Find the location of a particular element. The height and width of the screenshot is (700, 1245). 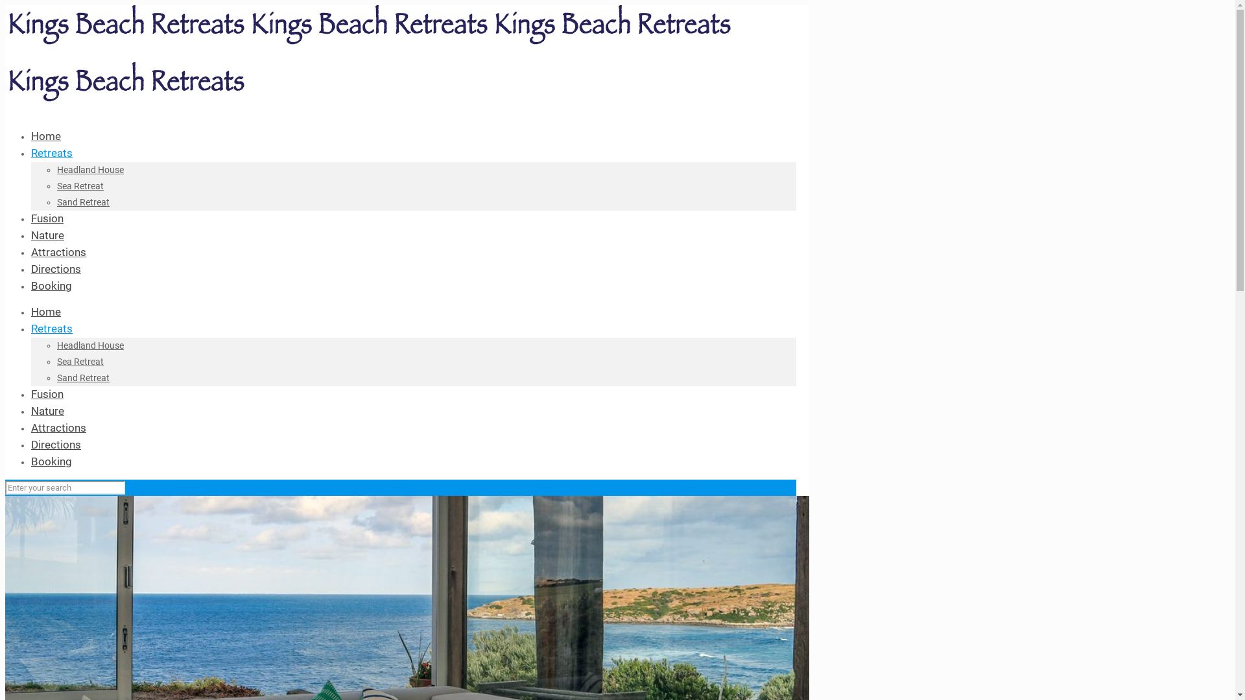

'Fusion' is located at coordinates (47, 217).